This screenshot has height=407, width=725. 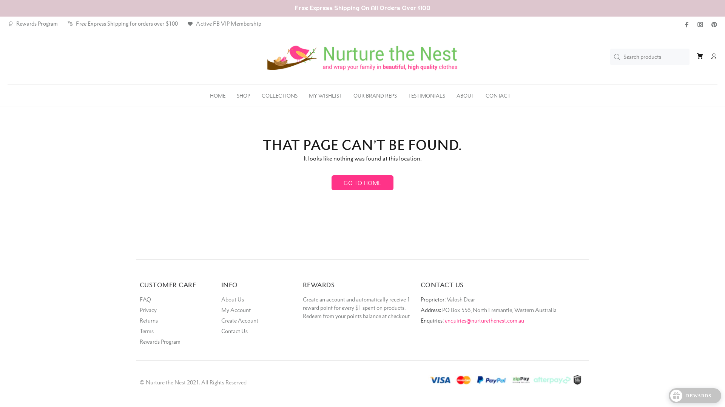 I want to click on 'OUR BRAND REPS', so click(x=375, y=93).